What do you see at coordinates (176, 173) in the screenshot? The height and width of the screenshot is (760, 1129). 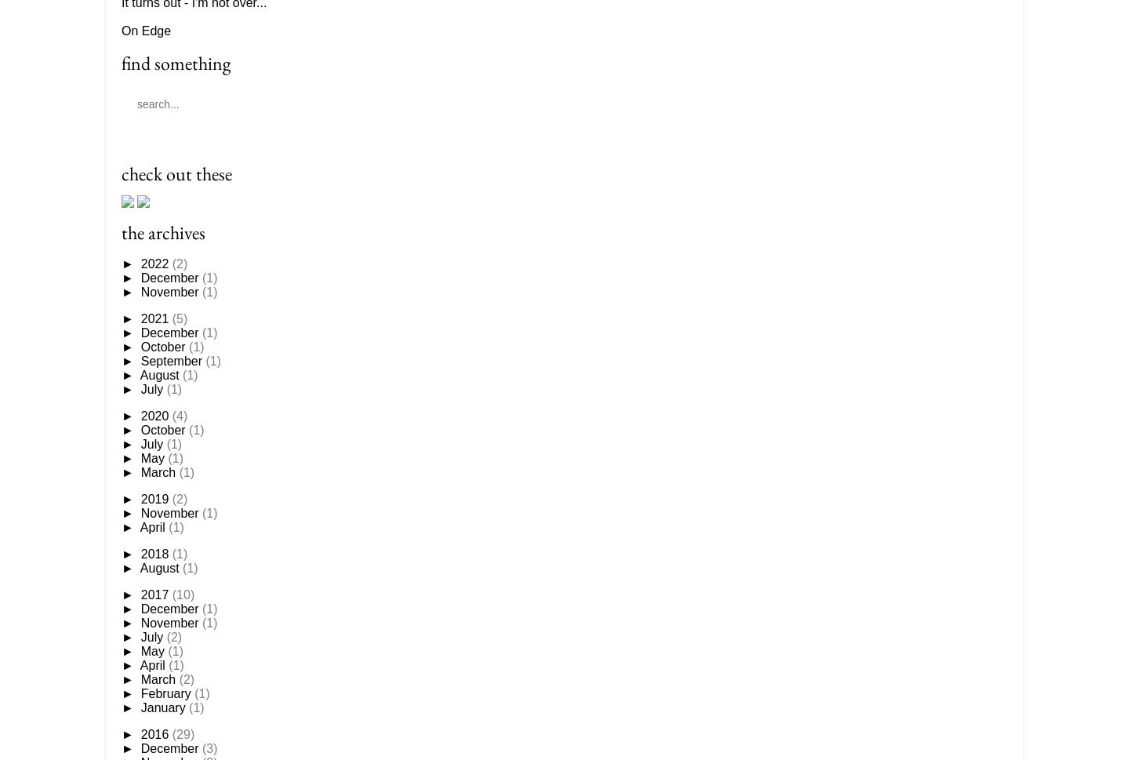 I see `'check out these'` at bounding box center [176, 173].